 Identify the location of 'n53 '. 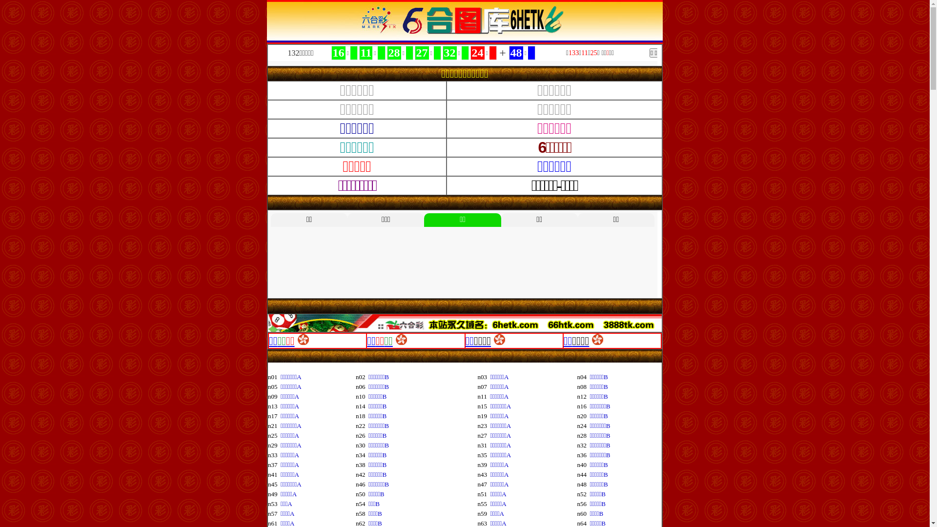
(273, 504).